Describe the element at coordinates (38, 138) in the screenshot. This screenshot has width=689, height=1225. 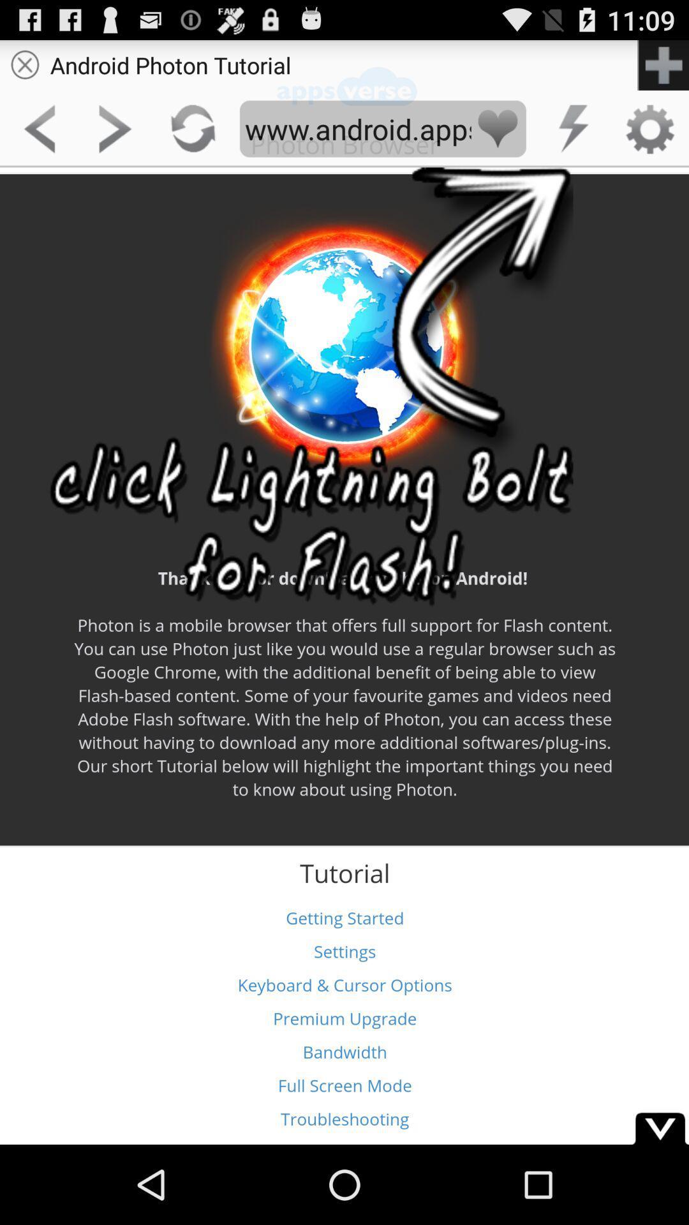
I see `the arrow_backward icon` at that location.